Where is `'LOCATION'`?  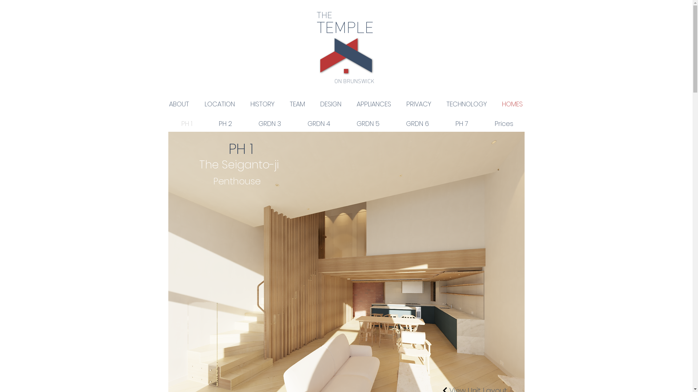
'LOCATION' is located at coordinates (219, 104).